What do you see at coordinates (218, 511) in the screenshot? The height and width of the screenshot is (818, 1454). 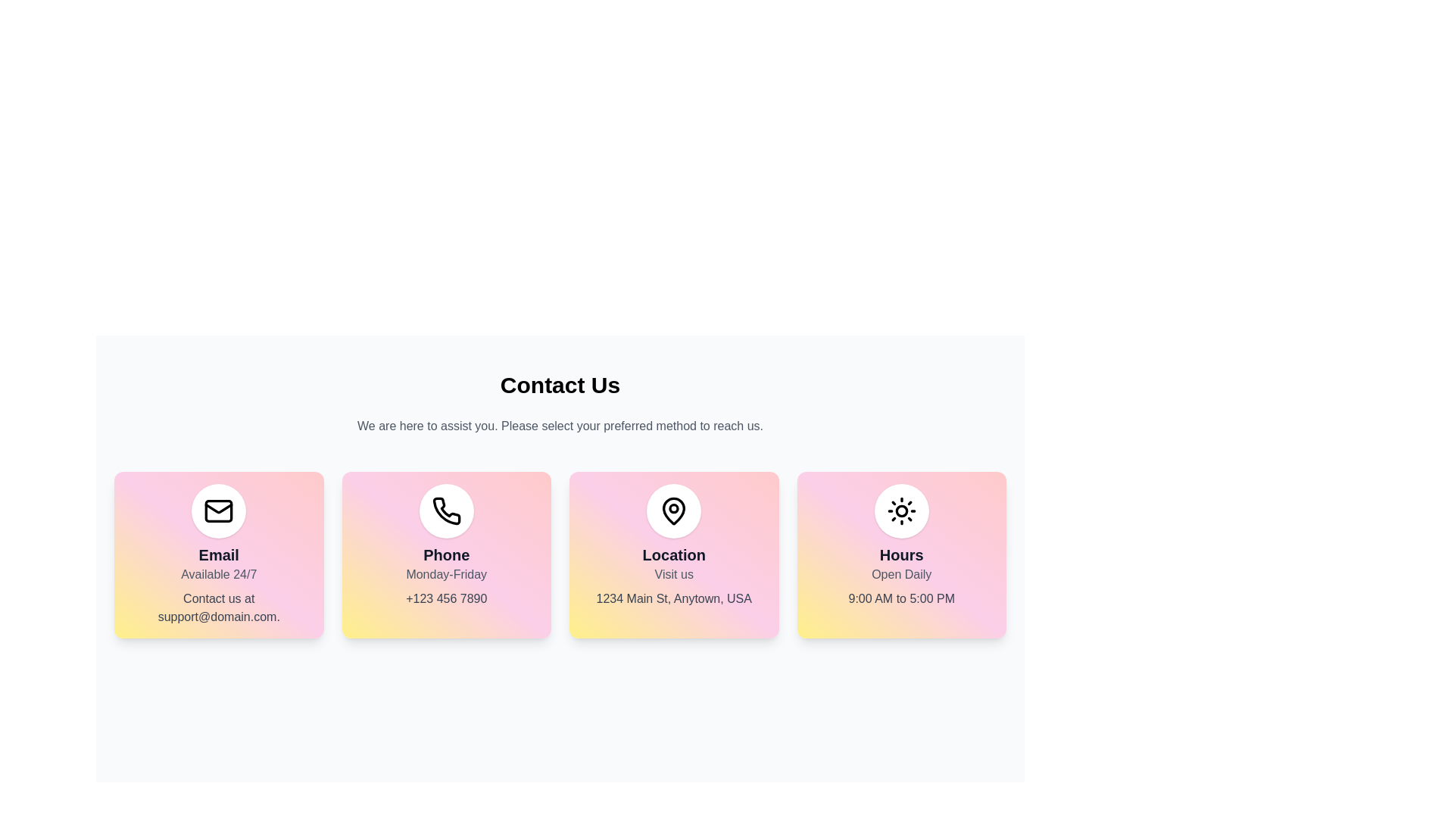 I see `the email communication icon located at the top center of the first contact card in a grid of four cards, positioned directly above the 'Email' label` at bounding box center [218, 511].